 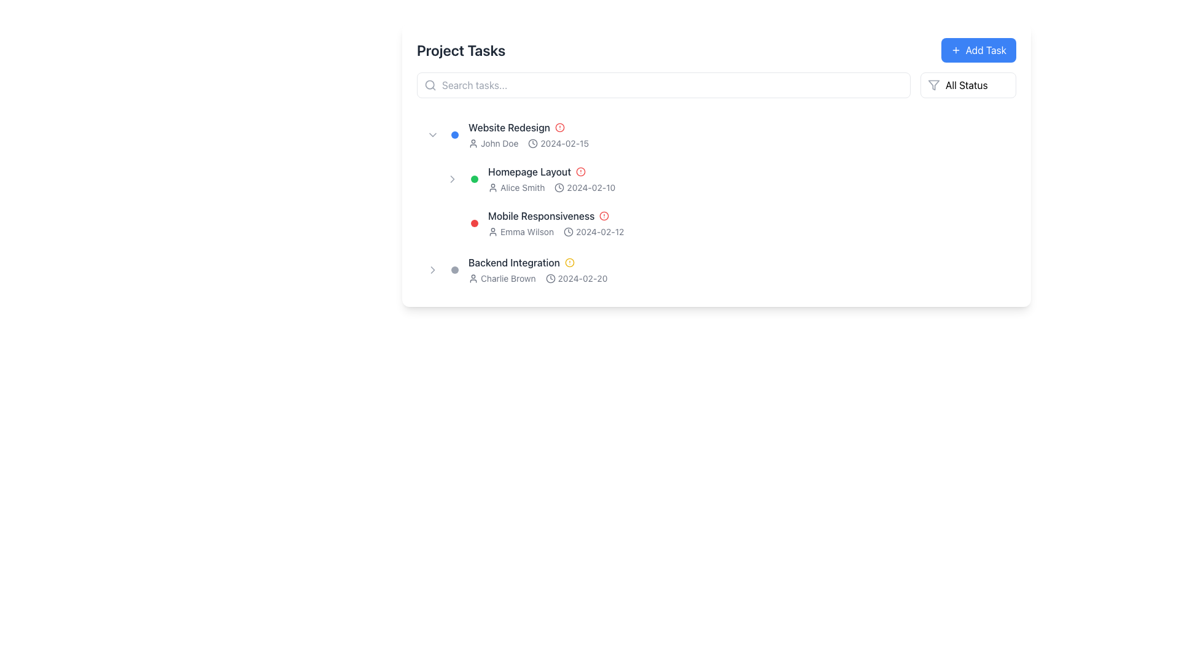 What do you see at coordinates (509, 128) in the screenshot?
I see `the task title text label in the 'Project Tasks' section, which identifies a specific task within the user's workflow` at bounding box center [509, 128].